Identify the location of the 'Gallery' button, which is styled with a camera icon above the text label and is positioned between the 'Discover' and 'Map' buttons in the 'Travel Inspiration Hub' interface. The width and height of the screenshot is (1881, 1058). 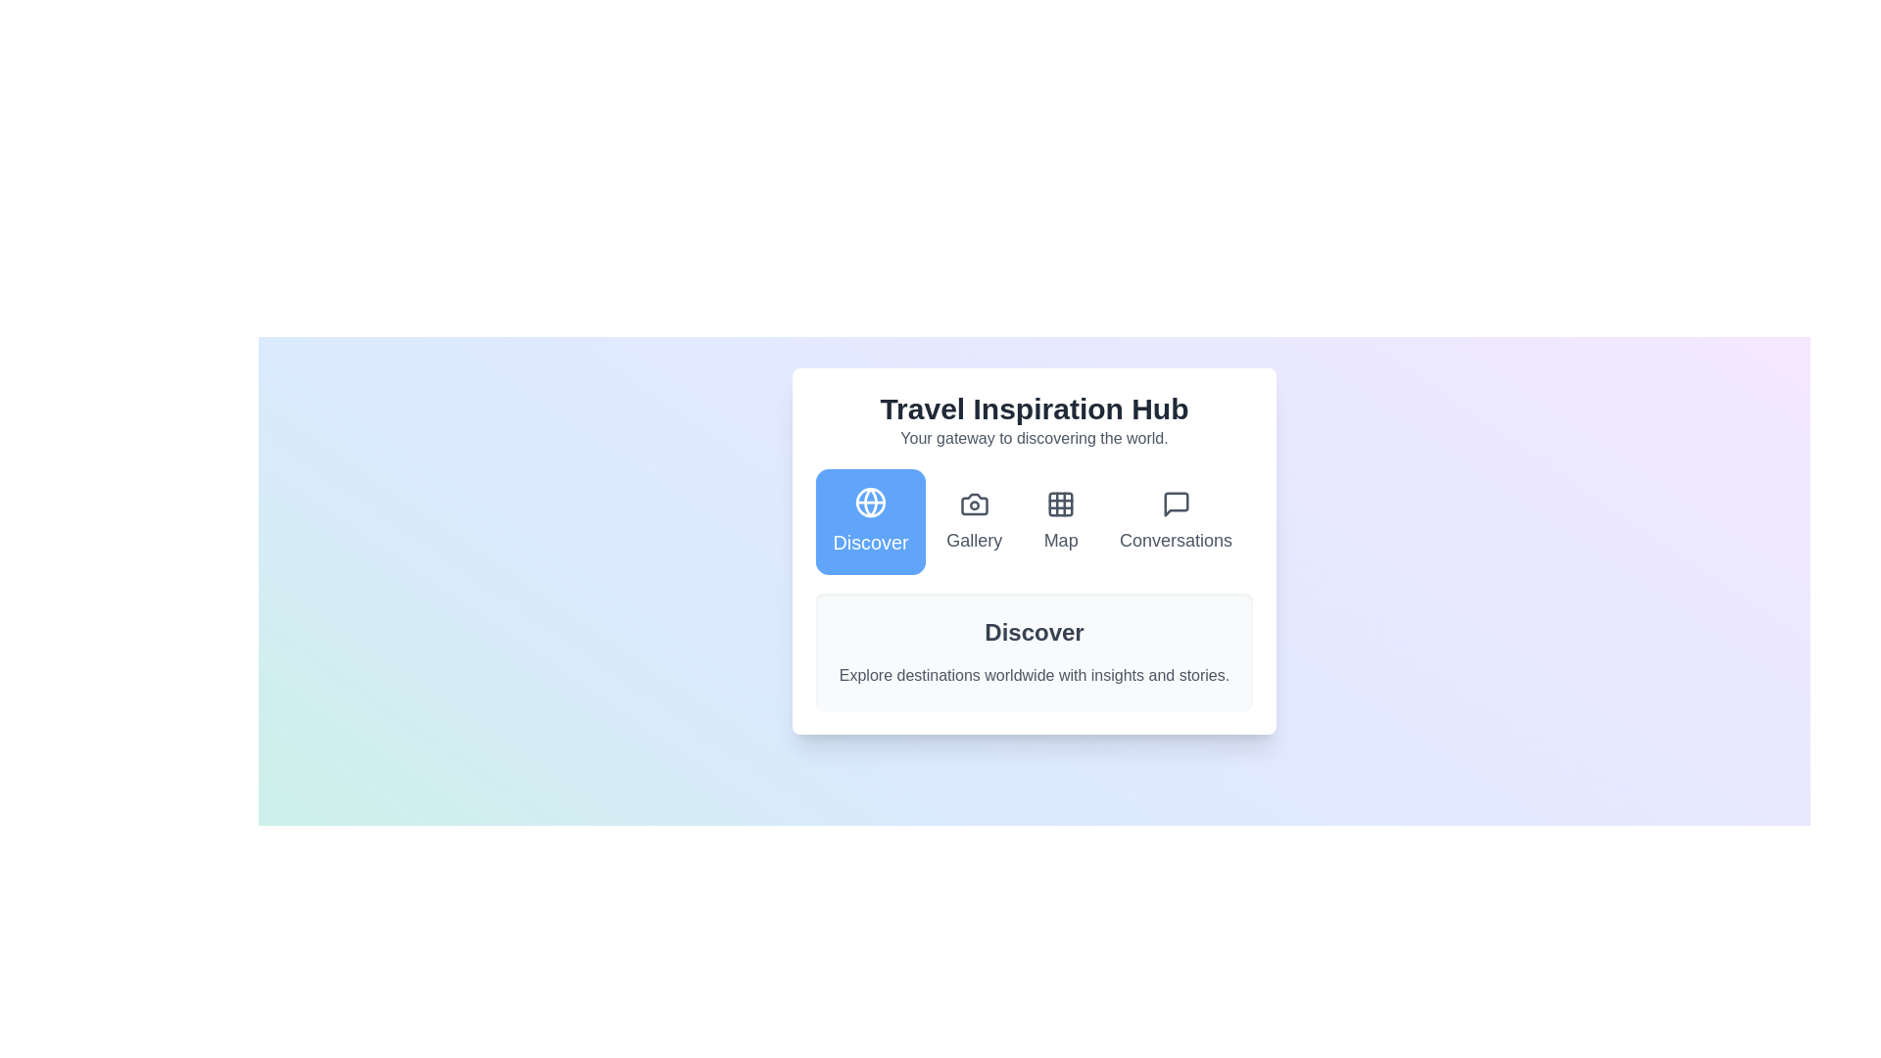
(974, 520).